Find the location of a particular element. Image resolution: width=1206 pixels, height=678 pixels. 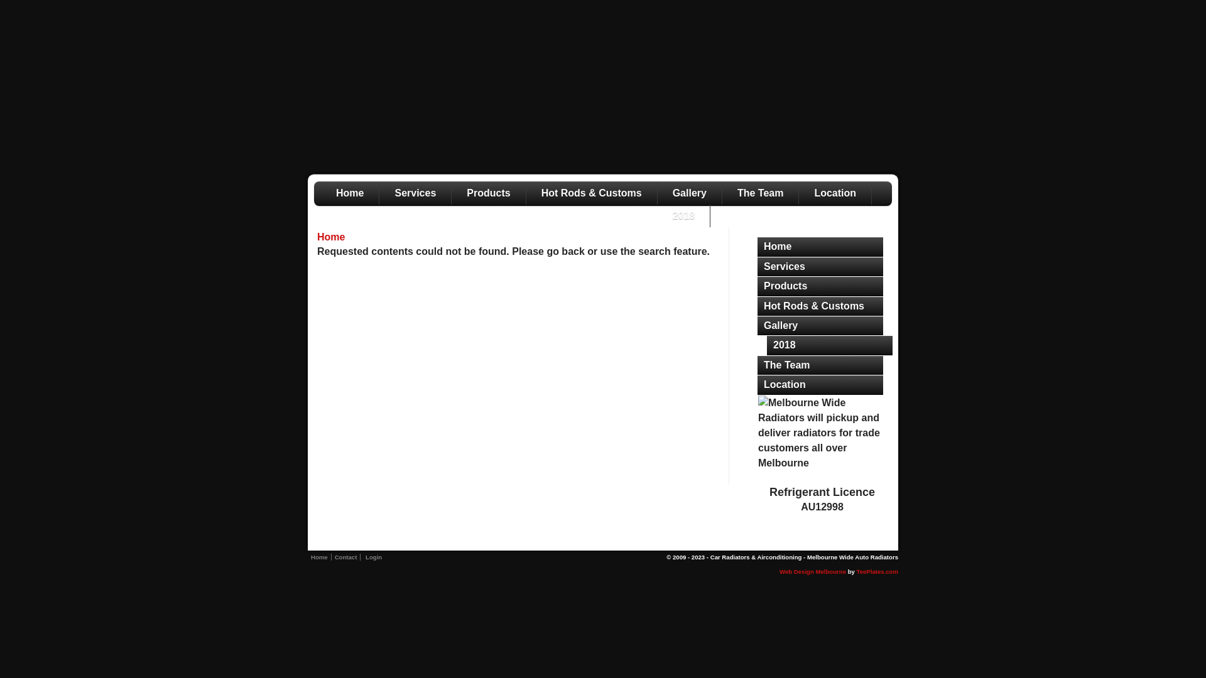

'The Team' is located at coordinates (820, 365).